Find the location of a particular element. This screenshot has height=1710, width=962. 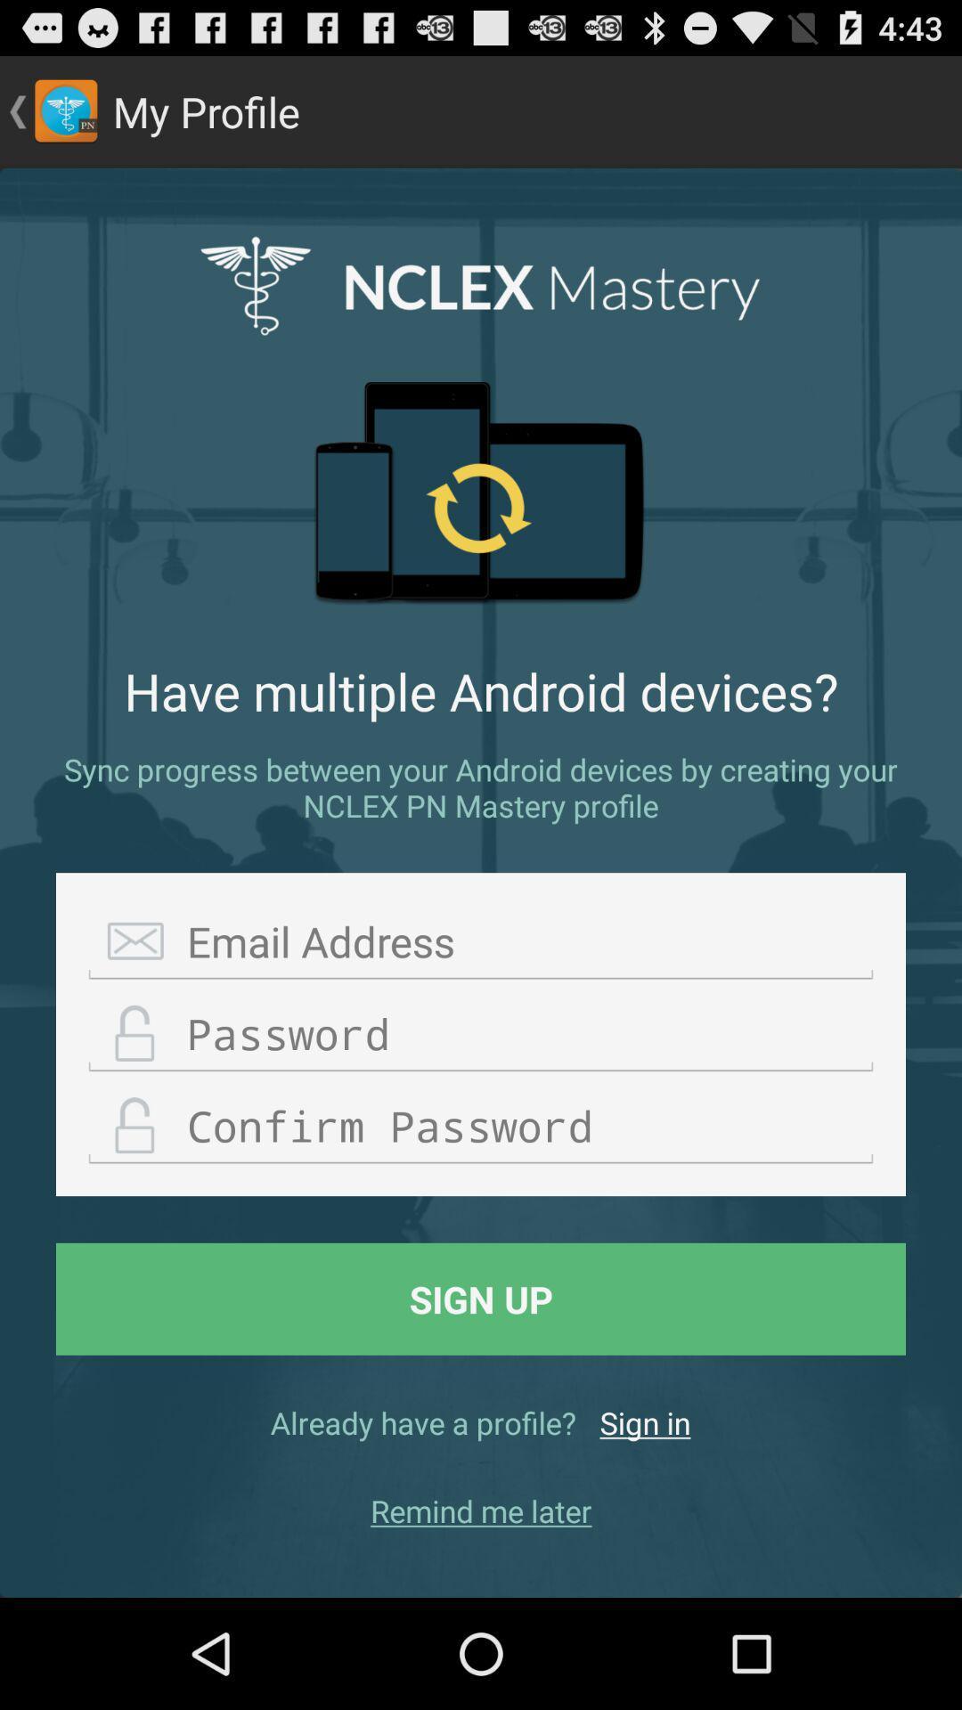

sign in icon is located at coordinates (645, 1421).